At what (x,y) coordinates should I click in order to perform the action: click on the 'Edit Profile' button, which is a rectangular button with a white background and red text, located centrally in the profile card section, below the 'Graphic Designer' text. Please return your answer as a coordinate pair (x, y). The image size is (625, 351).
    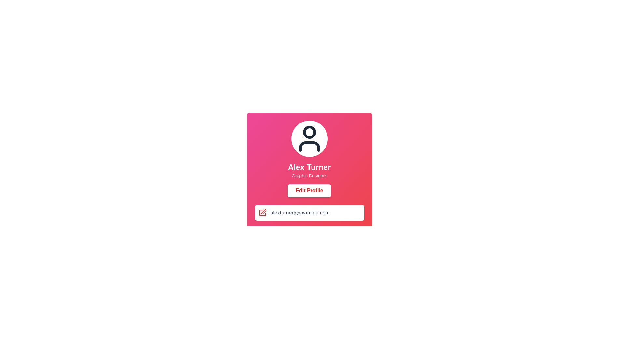
    Looking at the image, I should click on (309, 190).